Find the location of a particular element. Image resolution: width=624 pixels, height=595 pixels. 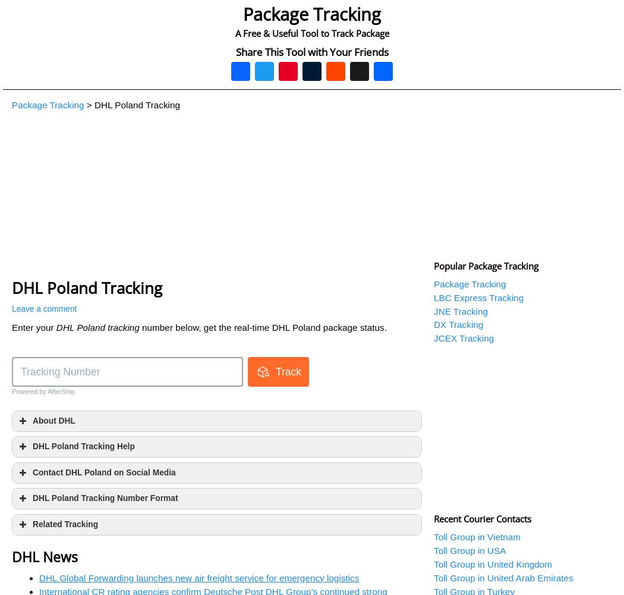

'Toll Group in USA' is located at coordinates (469, 550).